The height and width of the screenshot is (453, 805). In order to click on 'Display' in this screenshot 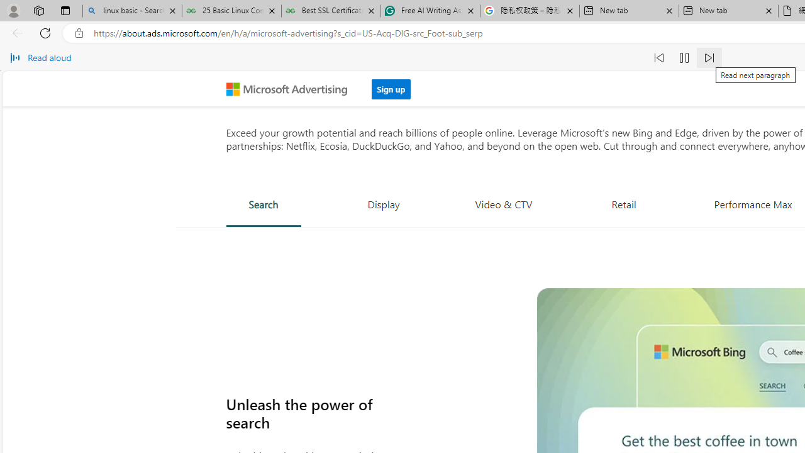, I will do `click(382, 203)`.